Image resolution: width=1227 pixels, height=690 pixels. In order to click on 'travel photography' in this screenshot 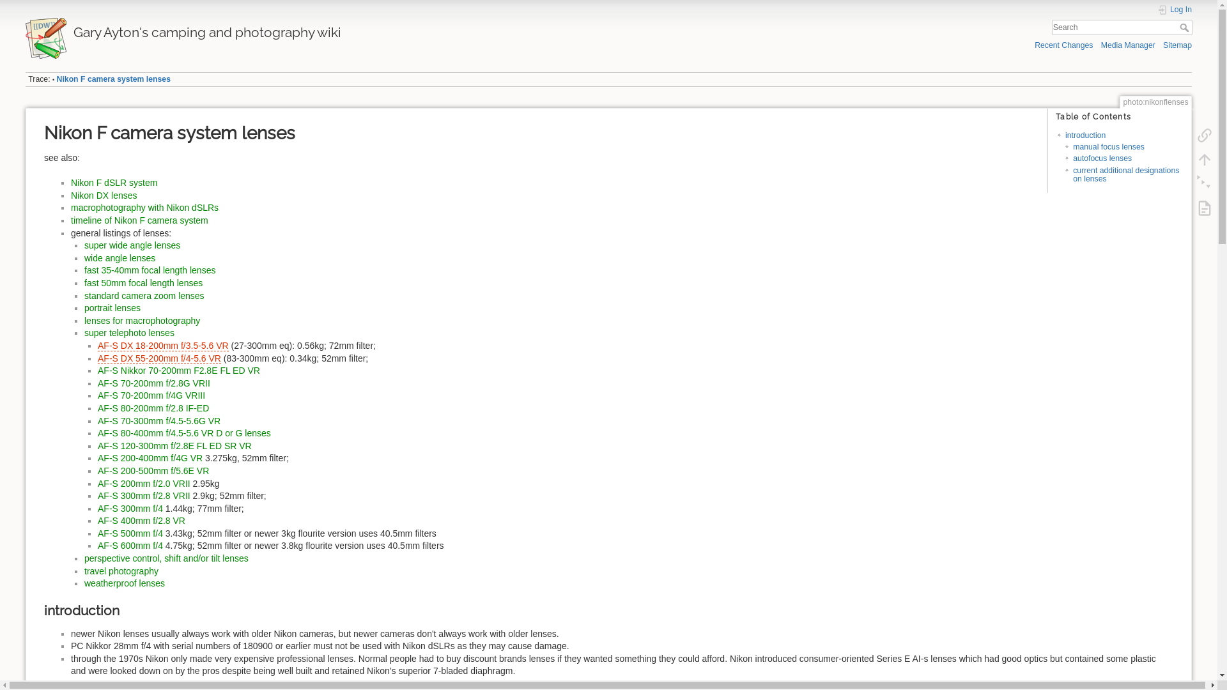, I will do `click(121, 571)`.